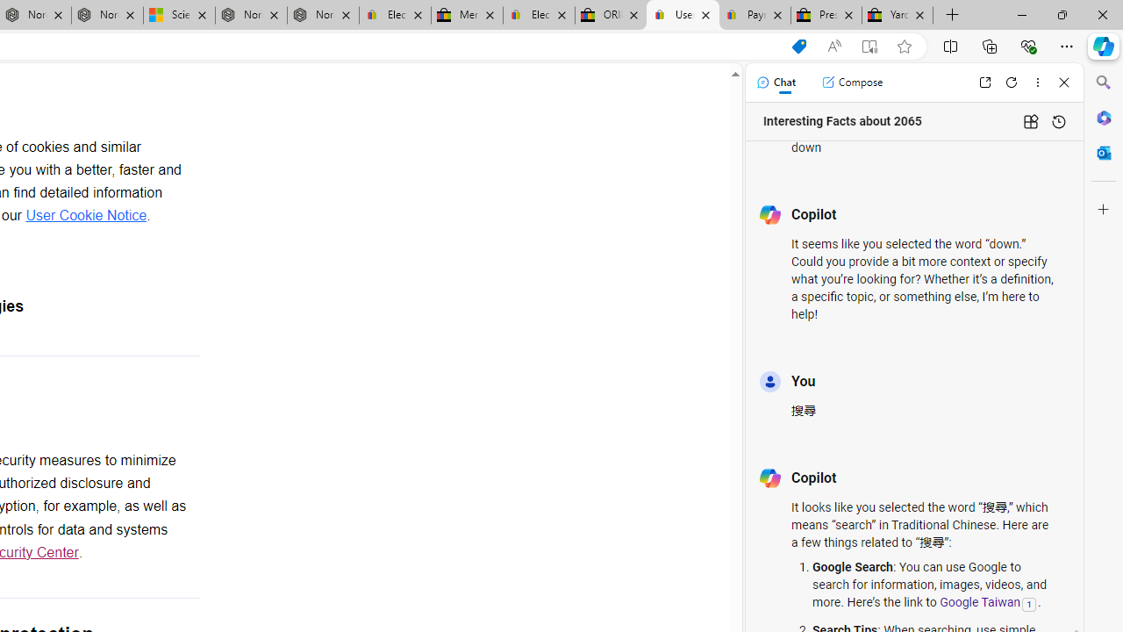 The height and width of the screenshot is (632, 1123). Describe the element at coordinates (798, 46) in the screenshot. I see `'This site has coupons! Shopping in Microsoft Edge'` at that location.